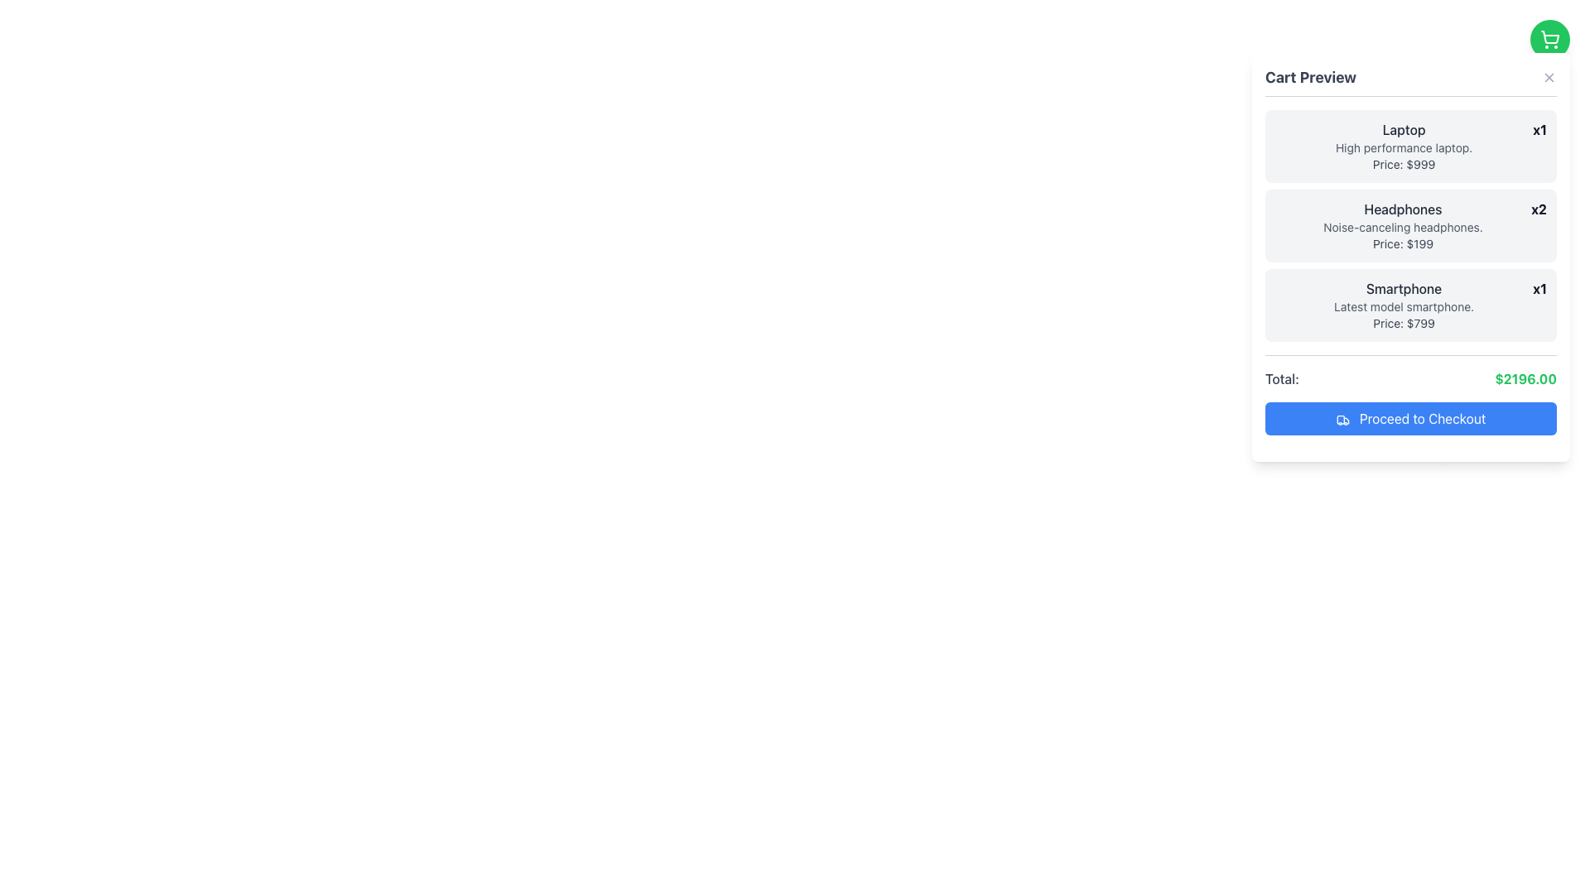 The height and width of the screenshot is (894, 1590). Describe the element at coordinates (1403, 305) in the screenshot. I see `text from the informational block describing the third item in the cart, which includes the name, description, and individual price` at that location.